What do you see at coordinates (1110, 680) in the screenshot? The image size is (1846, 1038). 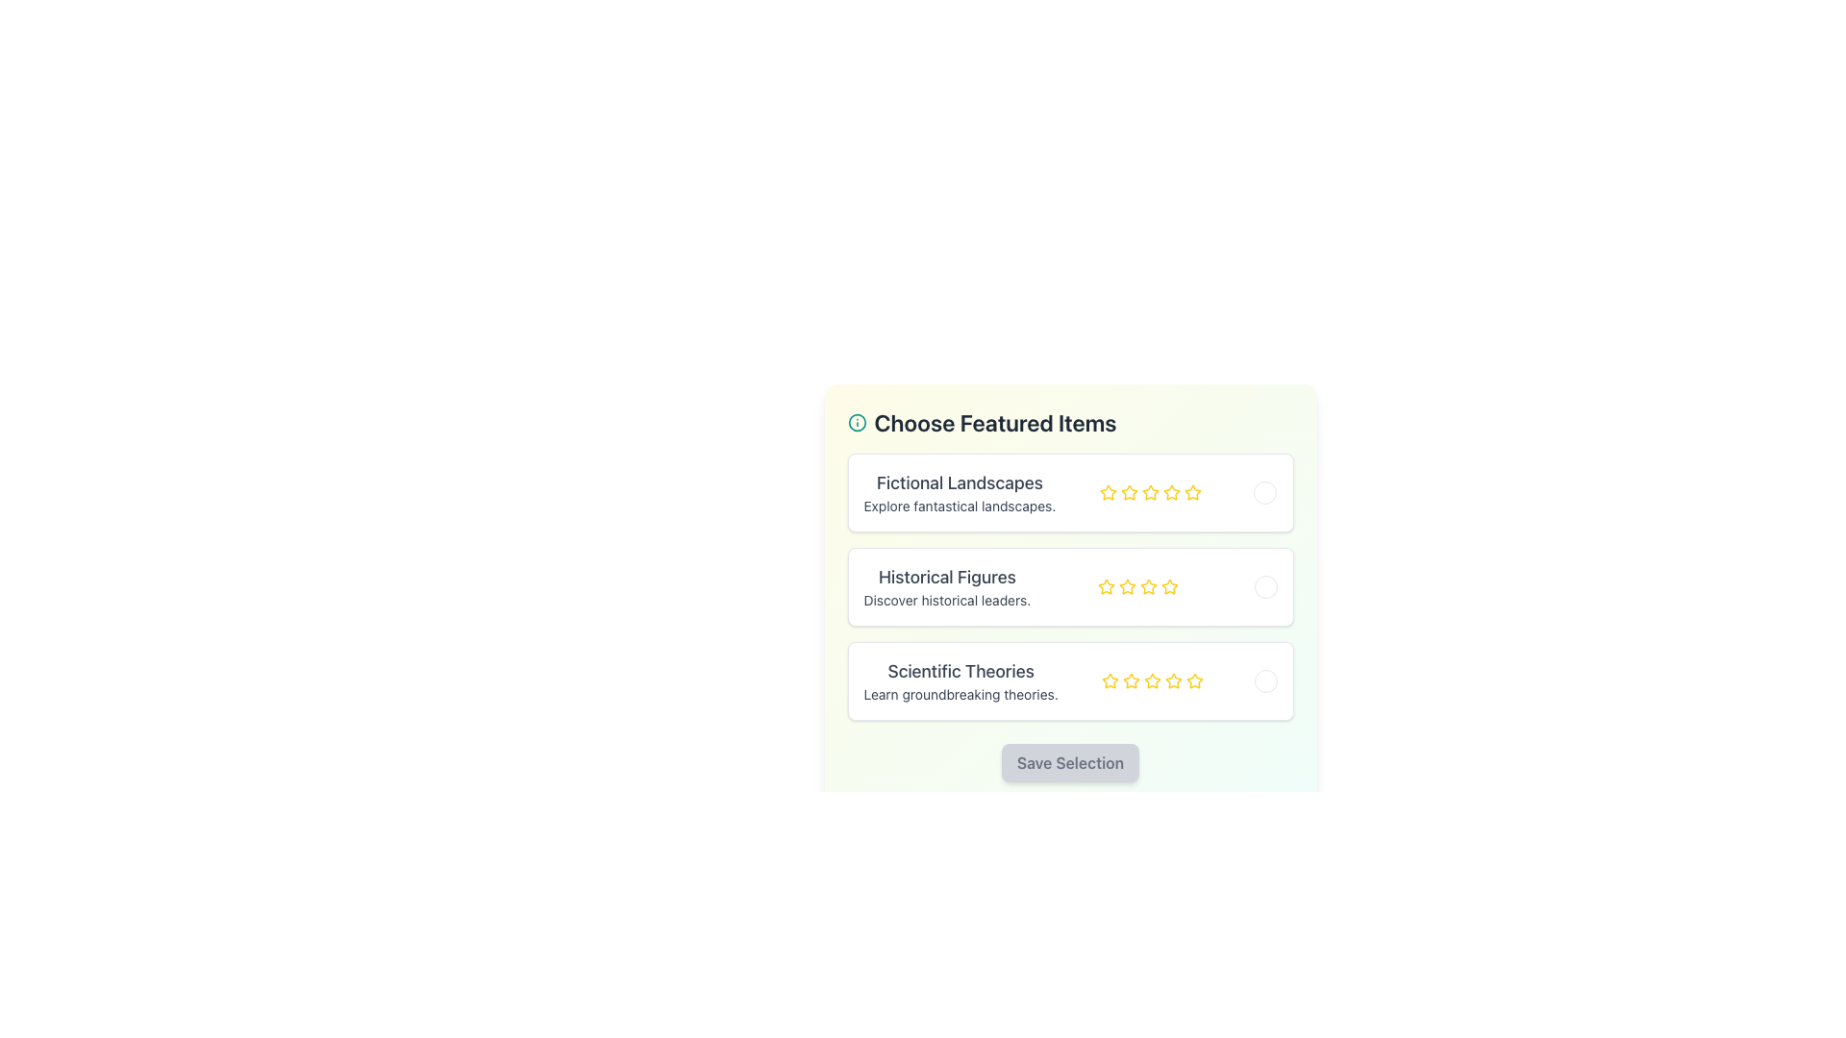 I see `the first star-shaped icon used for ratings, located in the rating system to the right of the 'Scientific Theories' row` at bounding box center [1110, 680].